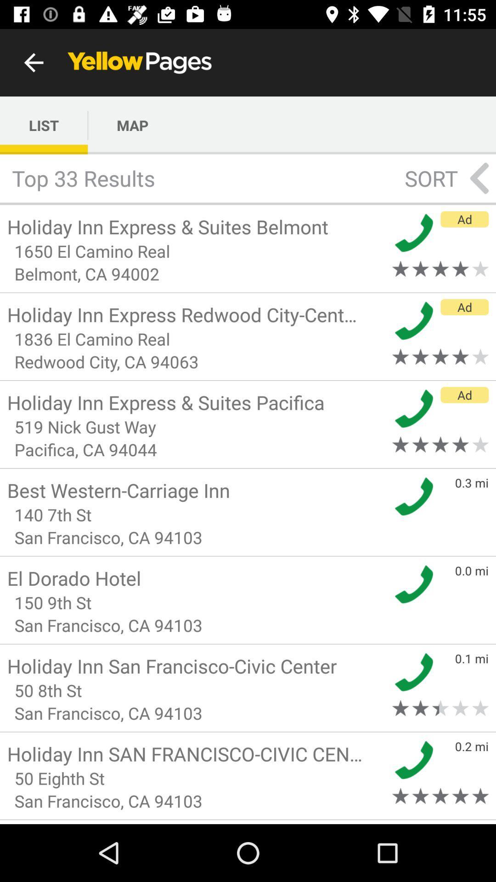 Image resolution: width=496 pixels, height=882 pixels. What do you see at coordinates (132, 125) in the screenshot?
I see `icon next to list` at bounding box center [132, 125].